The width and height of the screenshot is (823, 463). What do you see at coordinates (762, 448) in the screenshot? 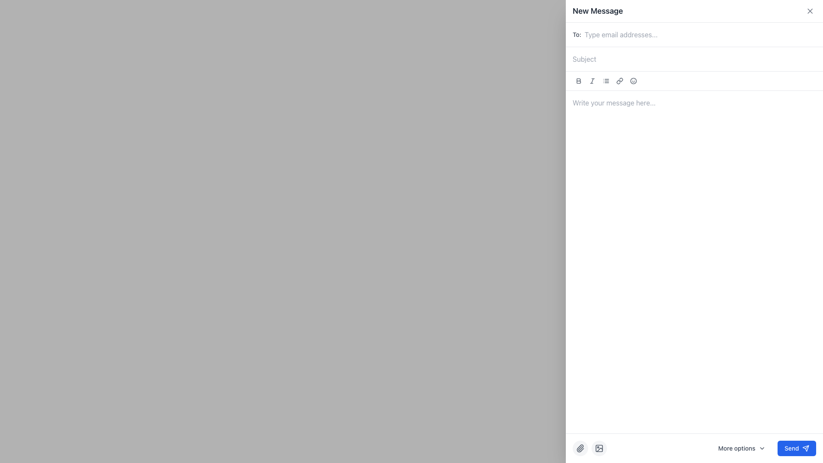
I see `the small, downward-facing chevron icon next to the 'More options' text` at bounding box center [762, 448].